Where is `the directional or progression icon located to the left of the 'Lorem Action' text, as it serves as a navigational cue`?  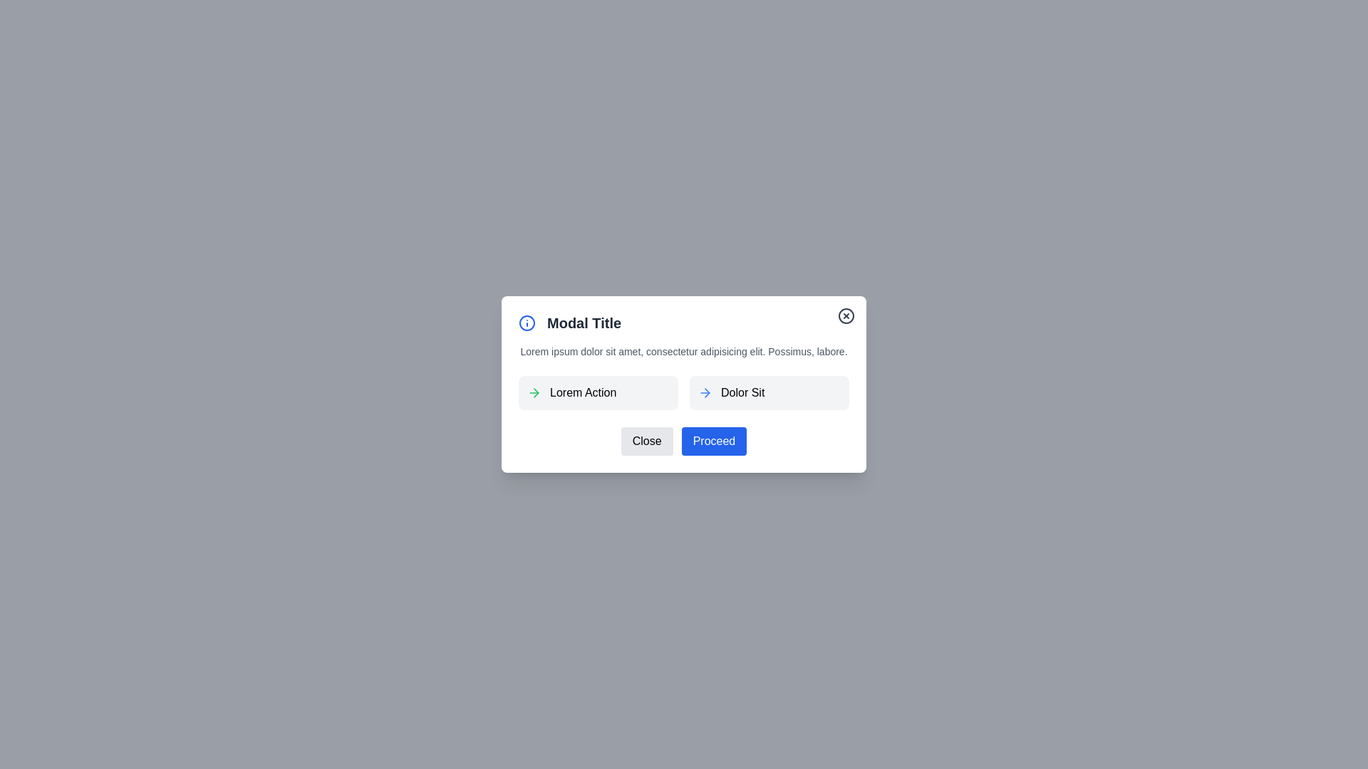 the directional or progression icon located to the left of the 'Lorem Action' text, as it serves as a navigational cue is located at coordinates (533, 392).